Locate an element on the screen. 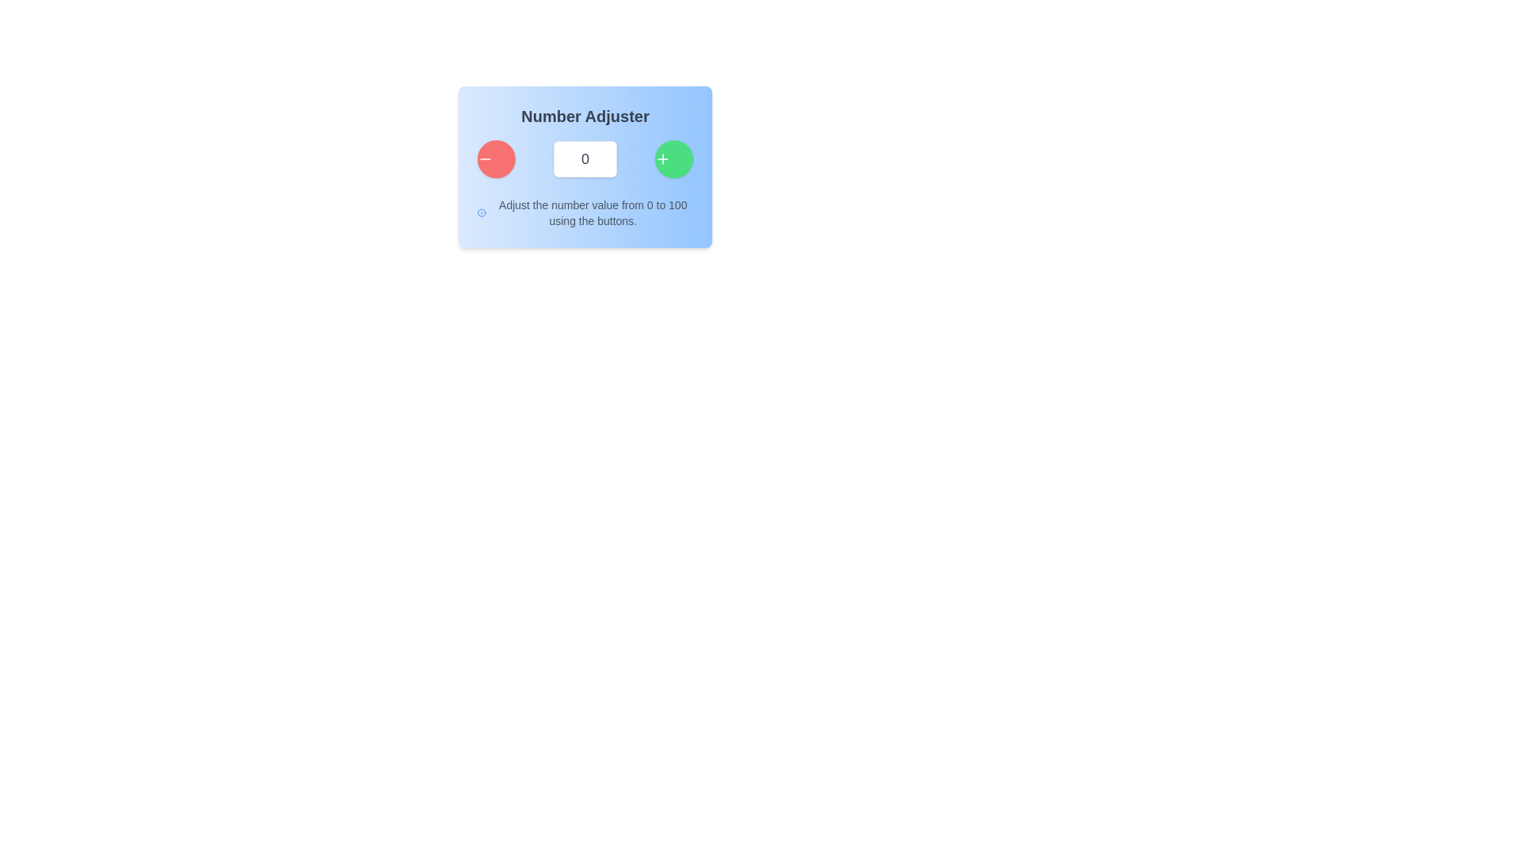 This screenshot has width=1523, height=856. the minus icon located within a red circular button on the left side of the card component is located at coordinates (484, 159).